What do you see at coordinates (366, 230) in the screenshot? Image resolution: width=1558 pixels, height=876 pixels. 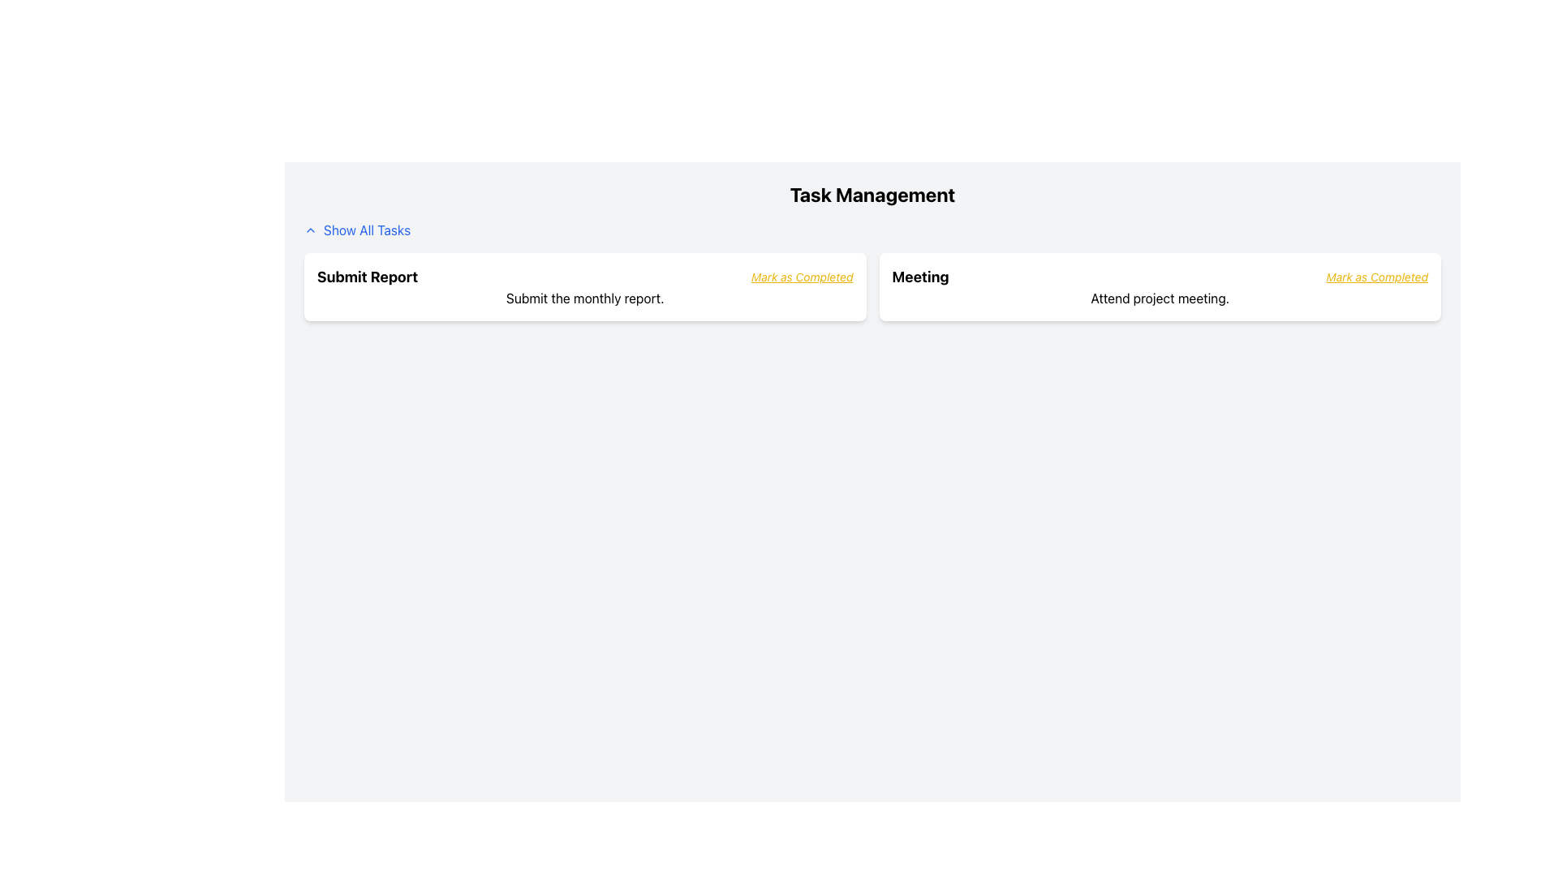 I see `the blue-colored text label displaying 'Show All Tasks'` at bounding box center [366, 230].